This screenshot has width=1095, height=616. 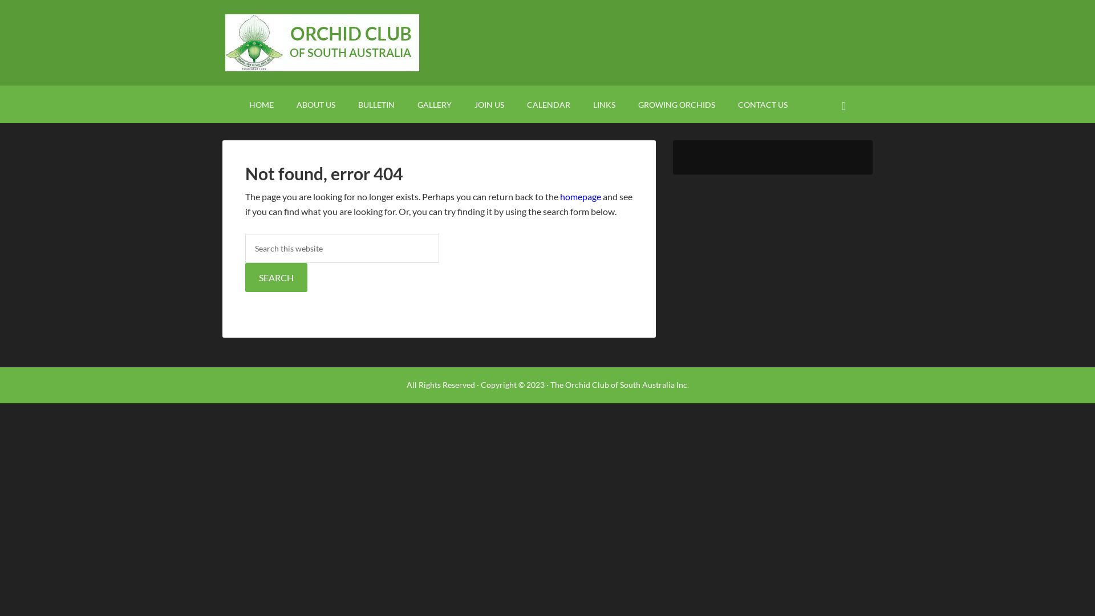 What do you see at coordinates (580, 196) in the screenshot?
I see `'homepage'` at bounding box center [580, 196].